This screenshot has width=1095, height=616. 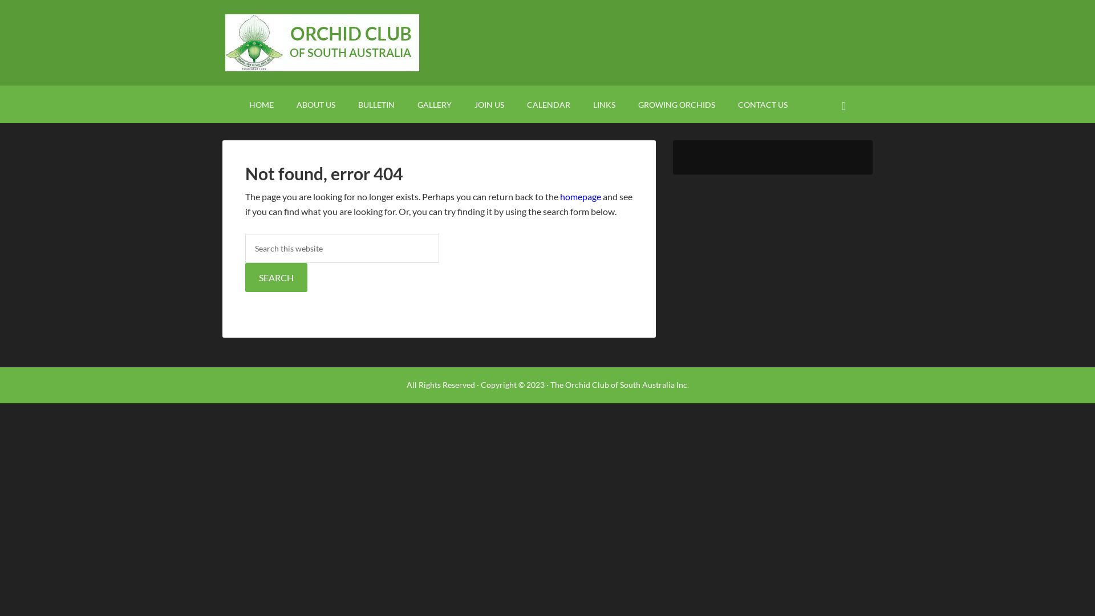 What do you see at coordinates (580, 196) in the screenshot?
I see `'homepage'` at bounding box center [580, 196].